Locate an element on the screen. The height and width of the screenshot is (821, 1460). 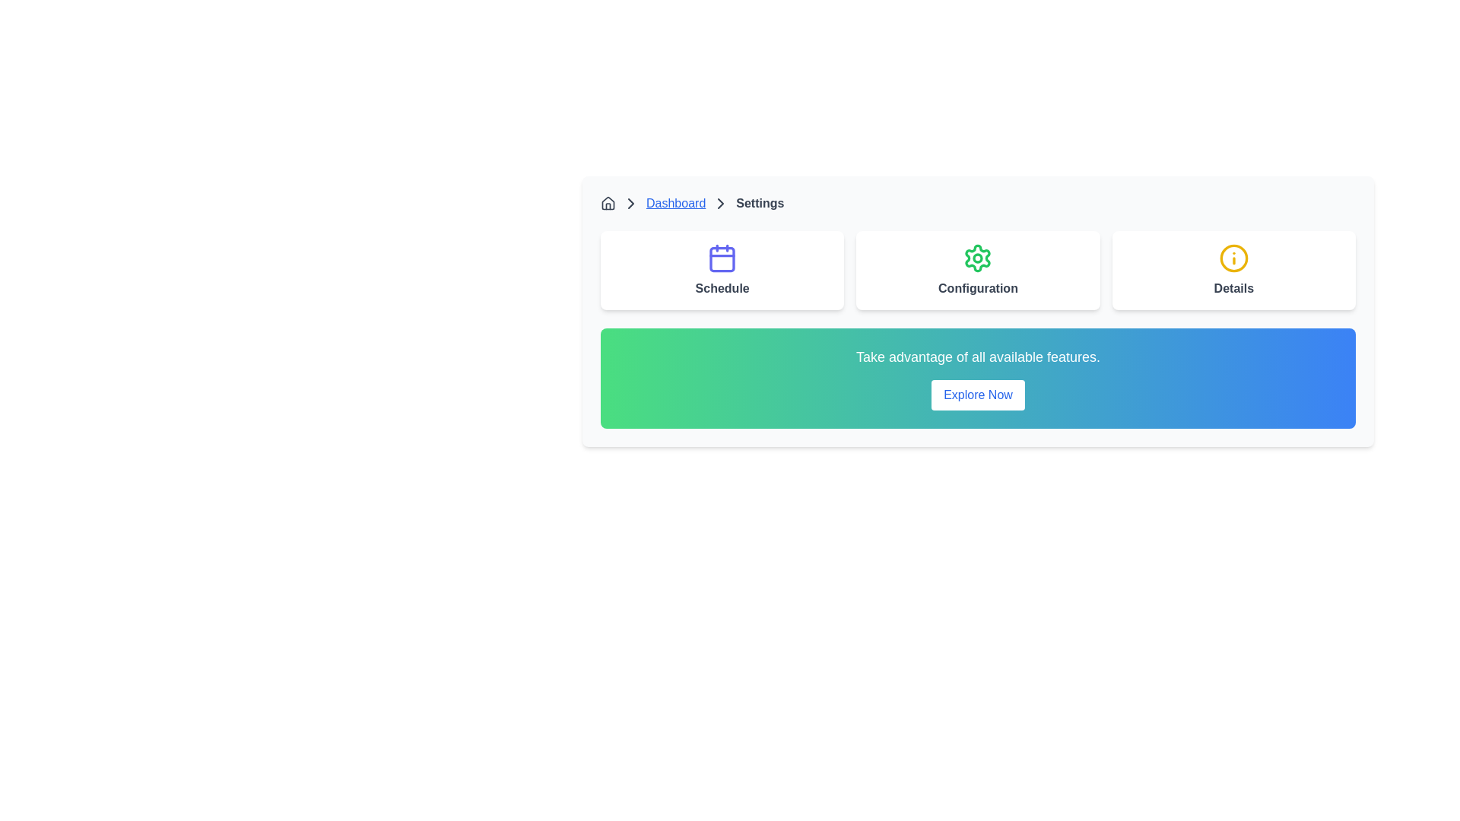
the green cogwheel icon within the 'Configuration' button is located at coordinates (978, 257).